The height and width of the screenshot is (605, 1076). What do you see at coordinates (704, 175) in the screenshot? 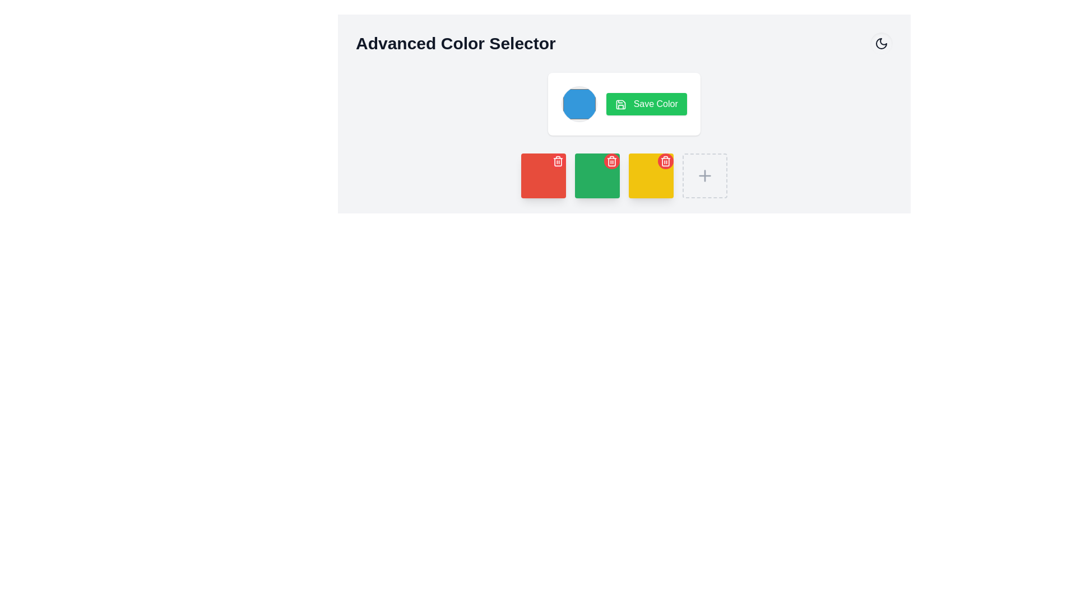
I see `the square button with dashed gray borders and a plus icon` at bounding box center [704, 175].